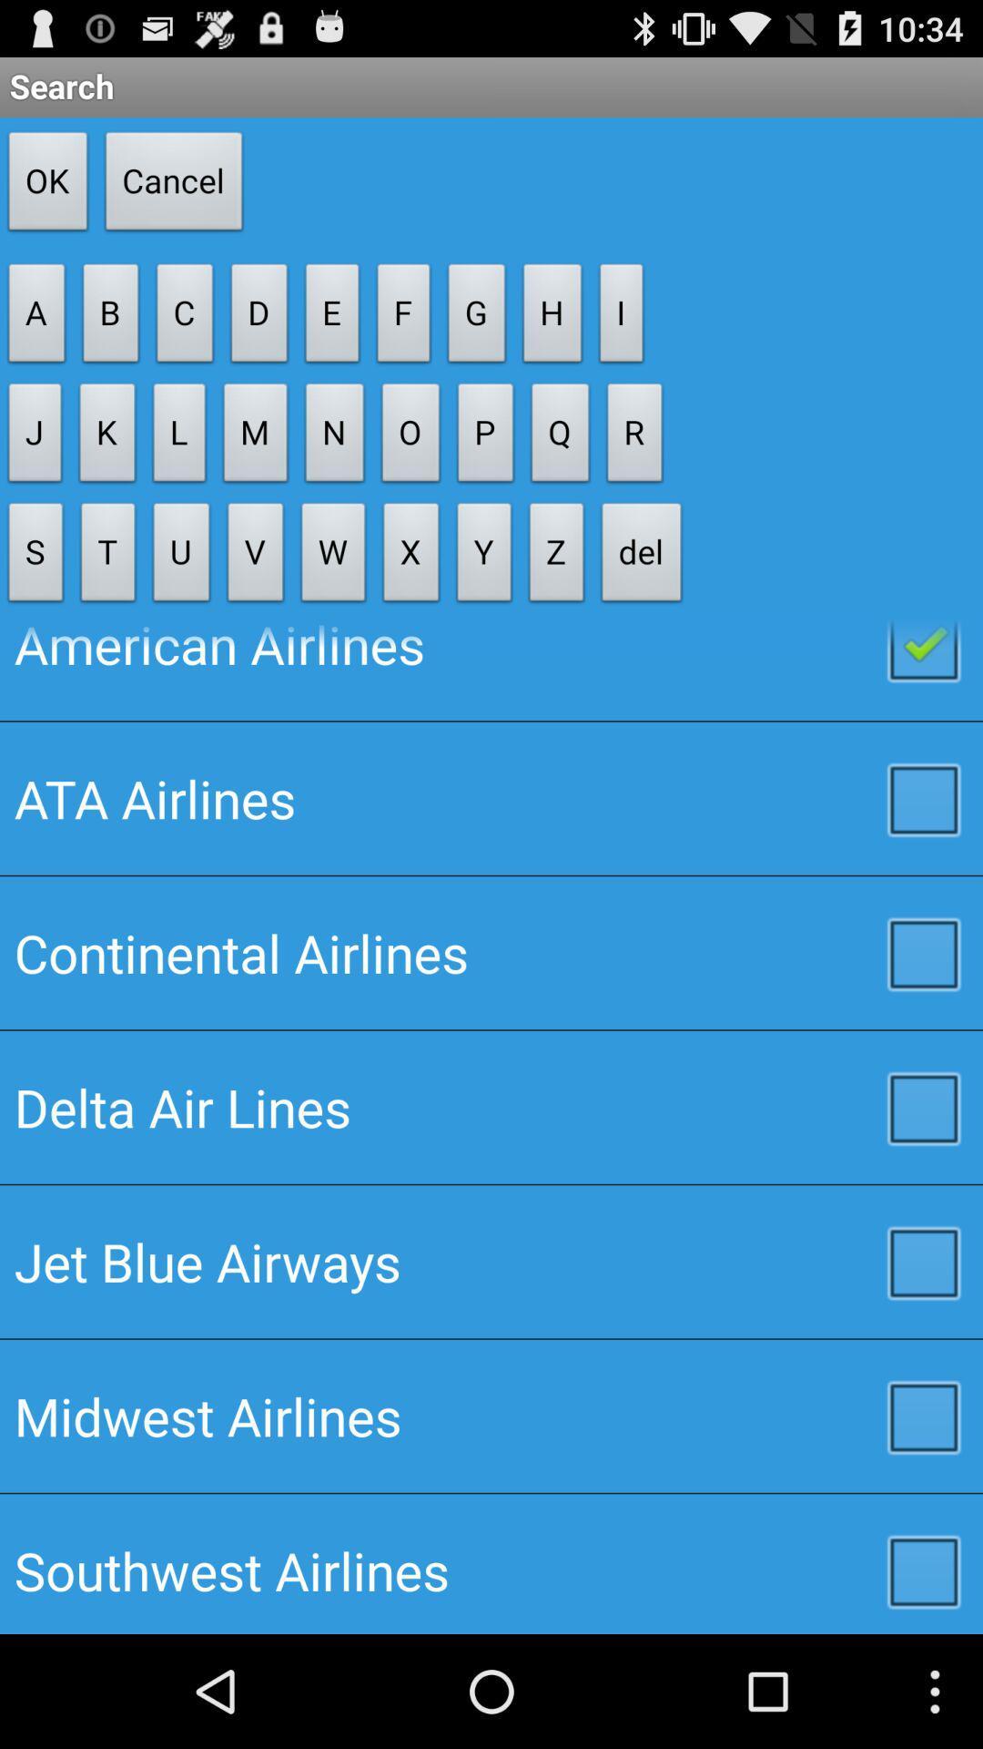 Image resolution: width=983 pixels, height=1749 pixels. Describe the element at coordinates (491, 1415) in the screenshot. I see `the item above southwest airlines` at that location.